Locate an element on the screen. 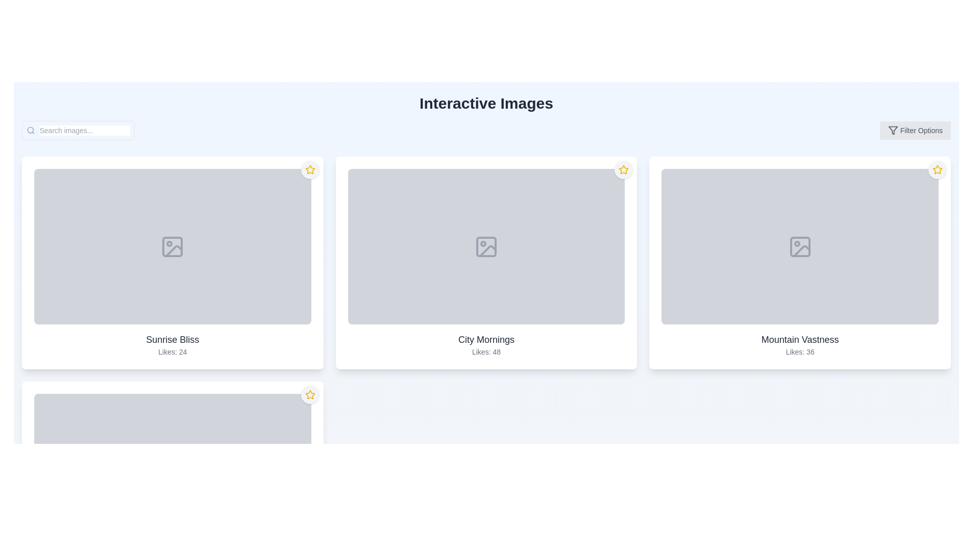 The image size is (980, 551). the circular part of the search magnifier icon, which serves as a decorative element for the adjacent input field is located at coordinates (31, 130).